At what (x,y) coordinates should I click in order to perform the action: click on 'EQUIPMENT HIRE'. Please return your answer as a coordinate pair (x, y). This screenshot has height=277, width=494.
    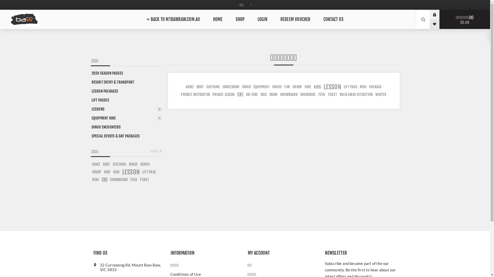
    Looking at the image, I should click on (90, 118).